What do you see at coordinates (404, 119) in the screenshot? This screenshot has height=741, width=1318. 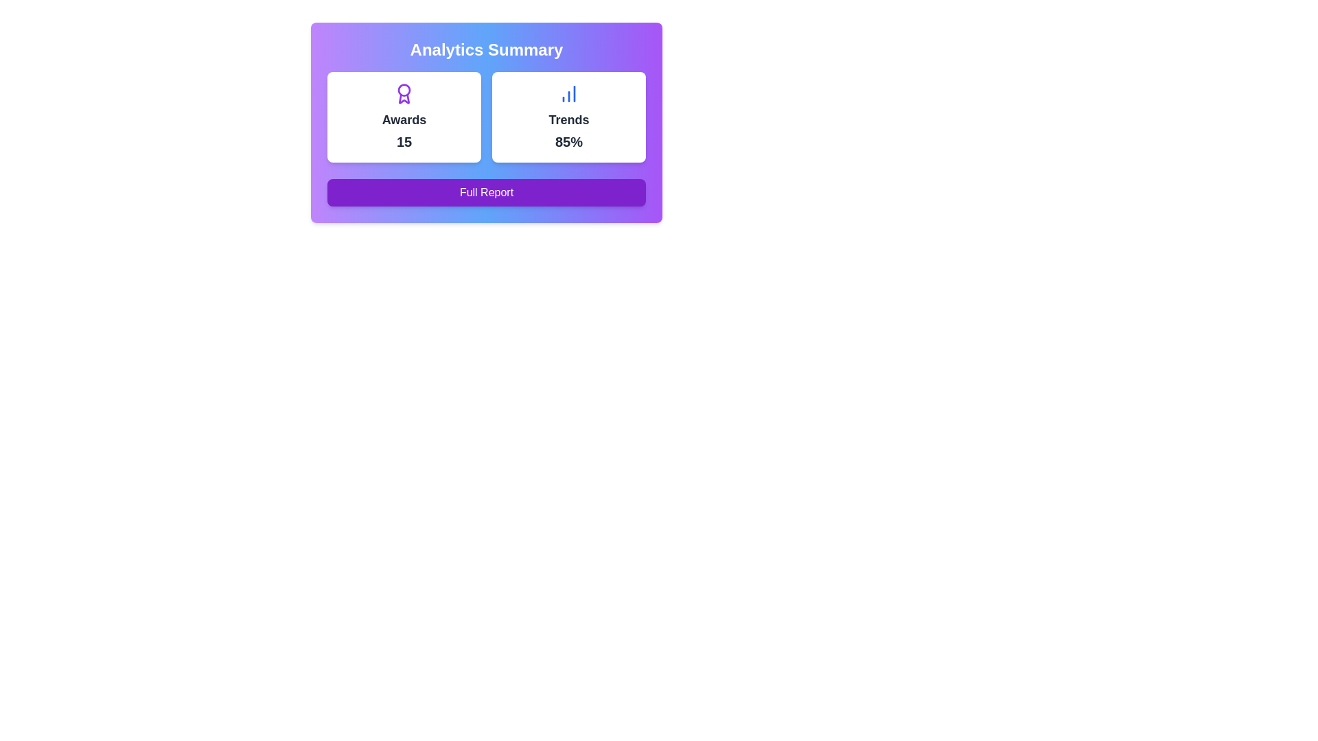 I see `attention on the bold, large font text displaying 'Awards' that is centrally aligned and positioned above the number '15'` at bounding box center [404, 119].